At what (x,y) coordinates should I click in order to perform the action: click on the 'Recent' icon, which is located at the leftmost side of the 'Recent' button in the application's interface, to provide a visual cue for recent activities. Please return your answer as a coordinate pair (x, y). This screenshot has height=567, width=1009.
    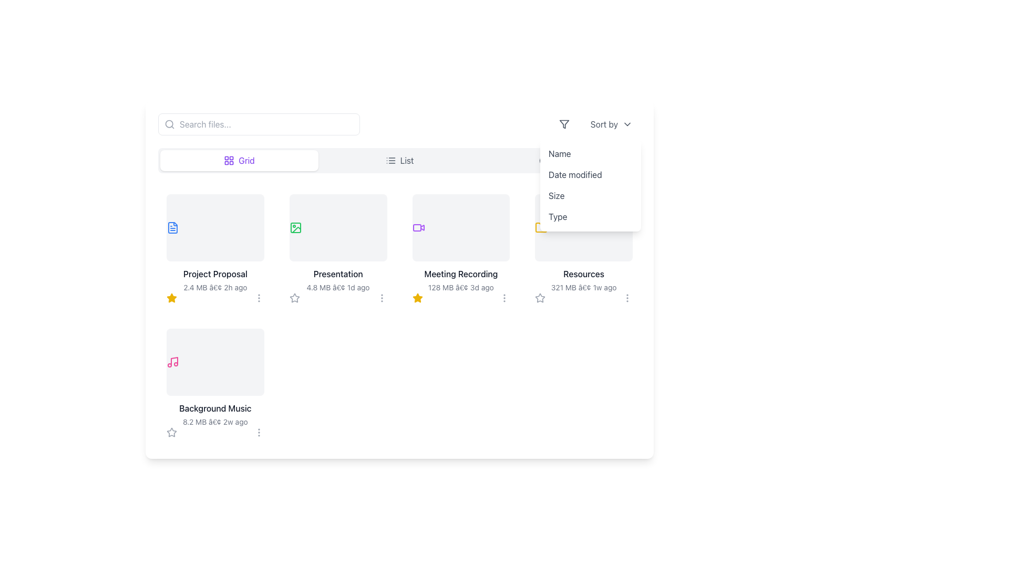
    Looking at the image, I should click on (544, 160).